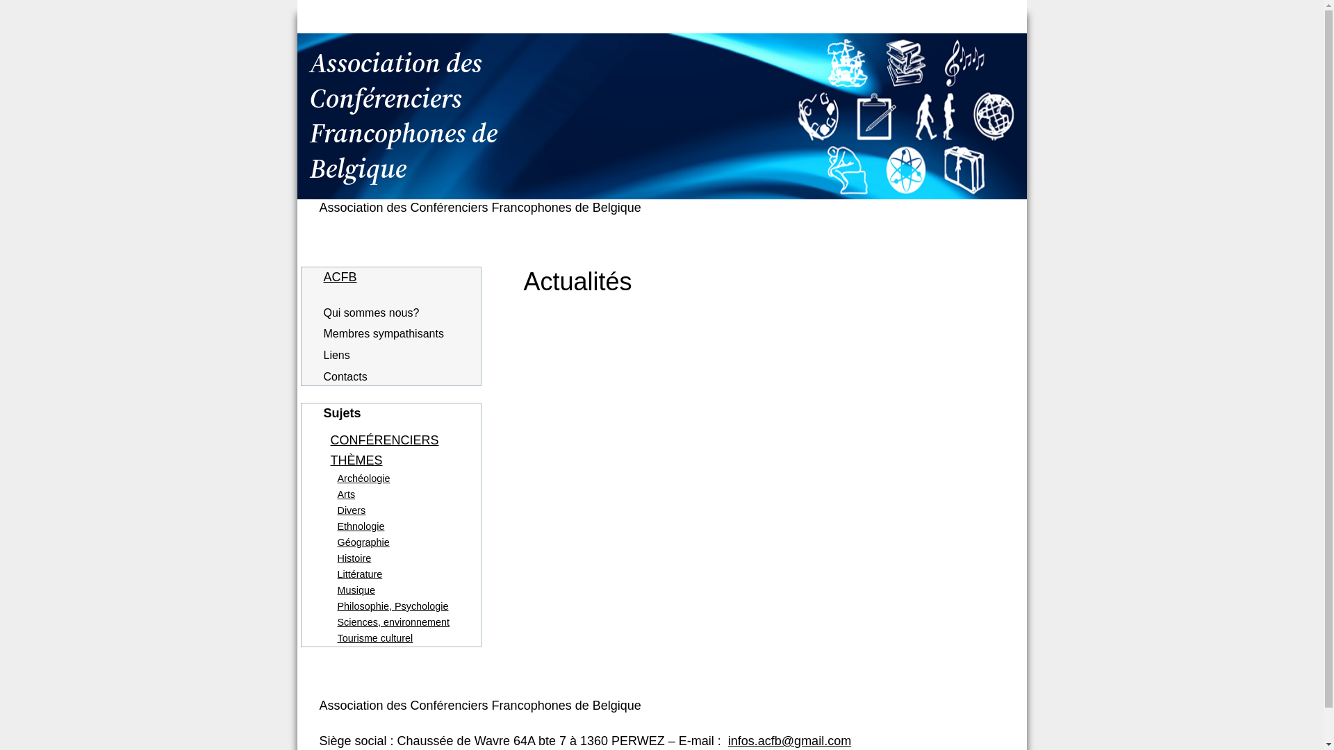  I want to click on 'Tourisme culturel', so click(375, 637).